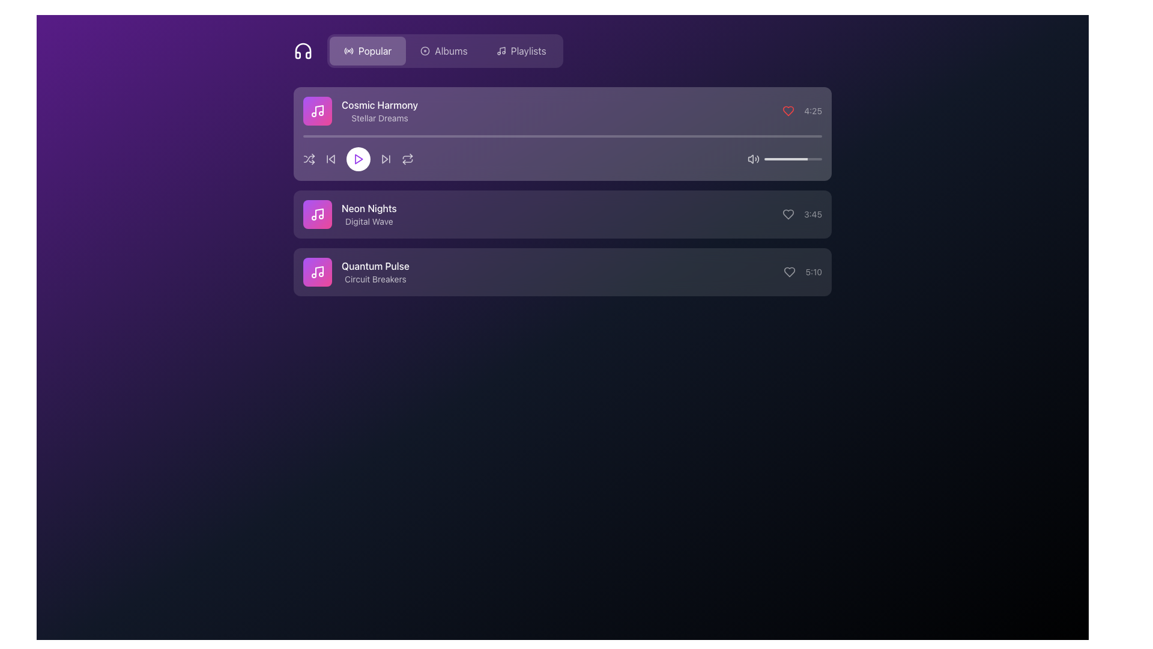 The width and height of the screenshot is (1153, 649). What do you see at coordinates (794, 159) in the screenshot?
I see `volume` at bounding box center [794, 159].